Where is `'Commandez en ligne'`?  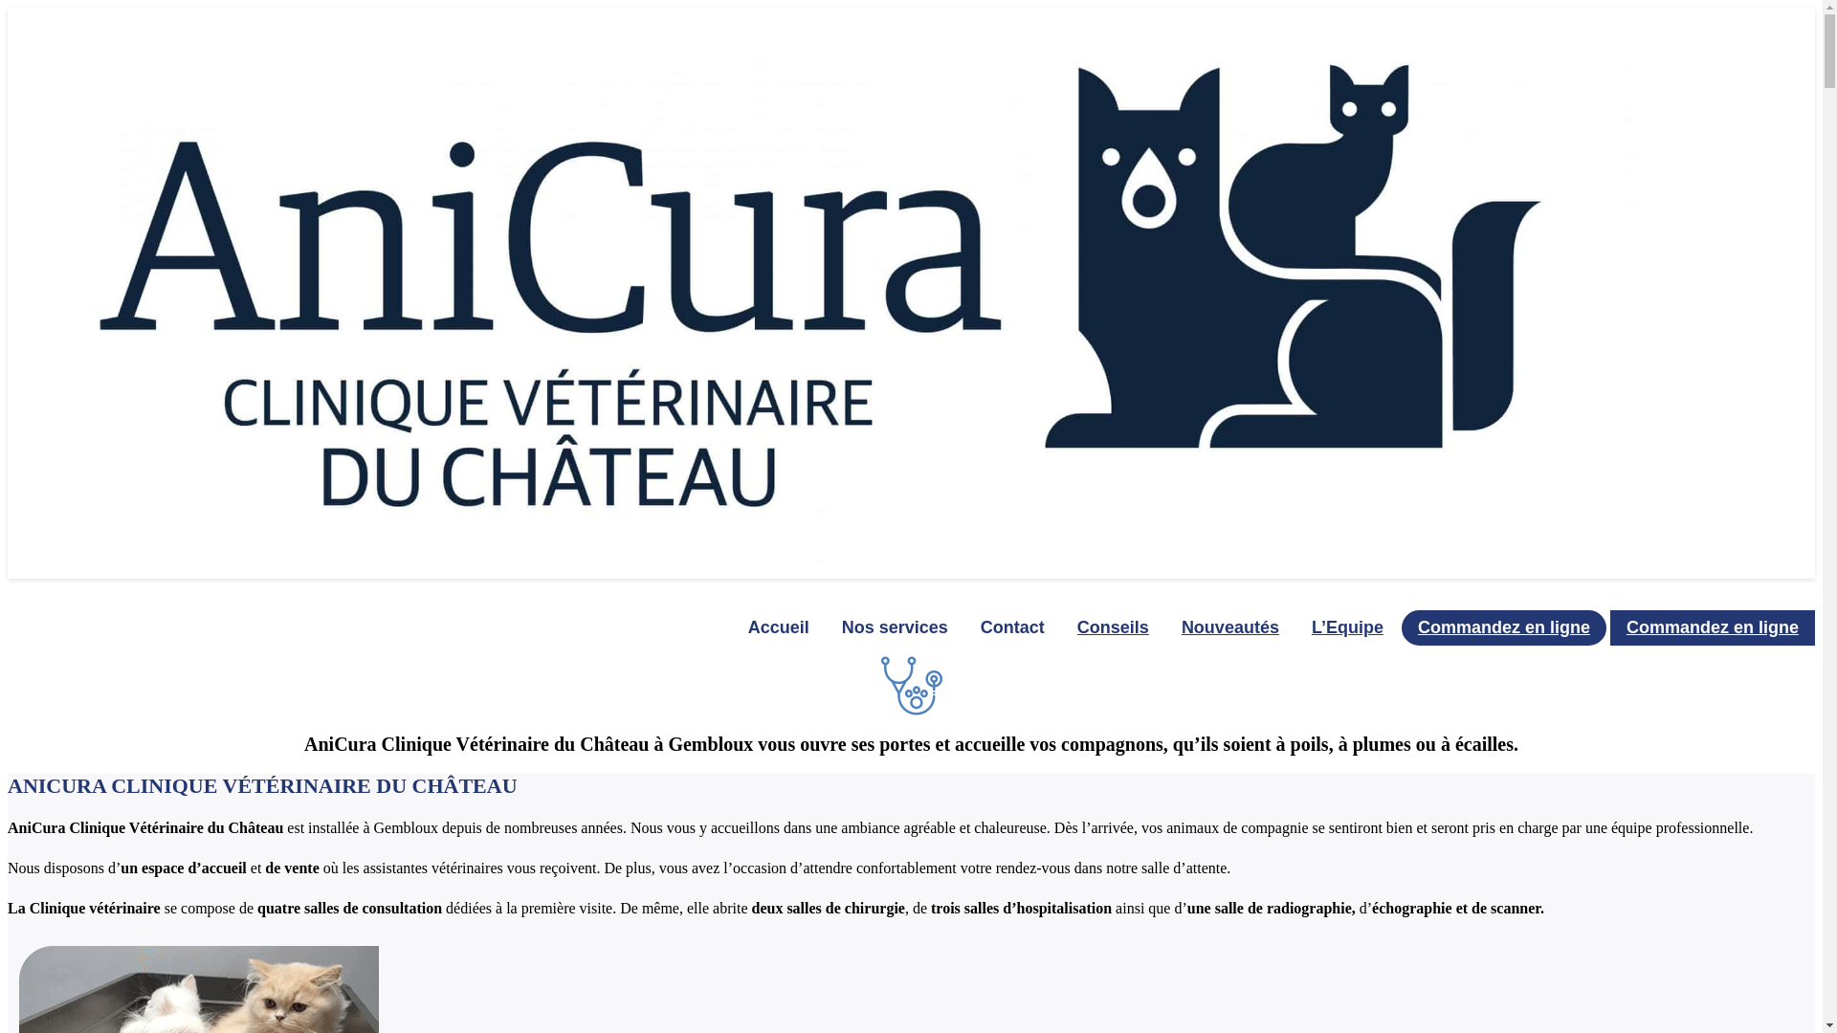 'Commandez en ligne' is located at coordinates (1713, 627).